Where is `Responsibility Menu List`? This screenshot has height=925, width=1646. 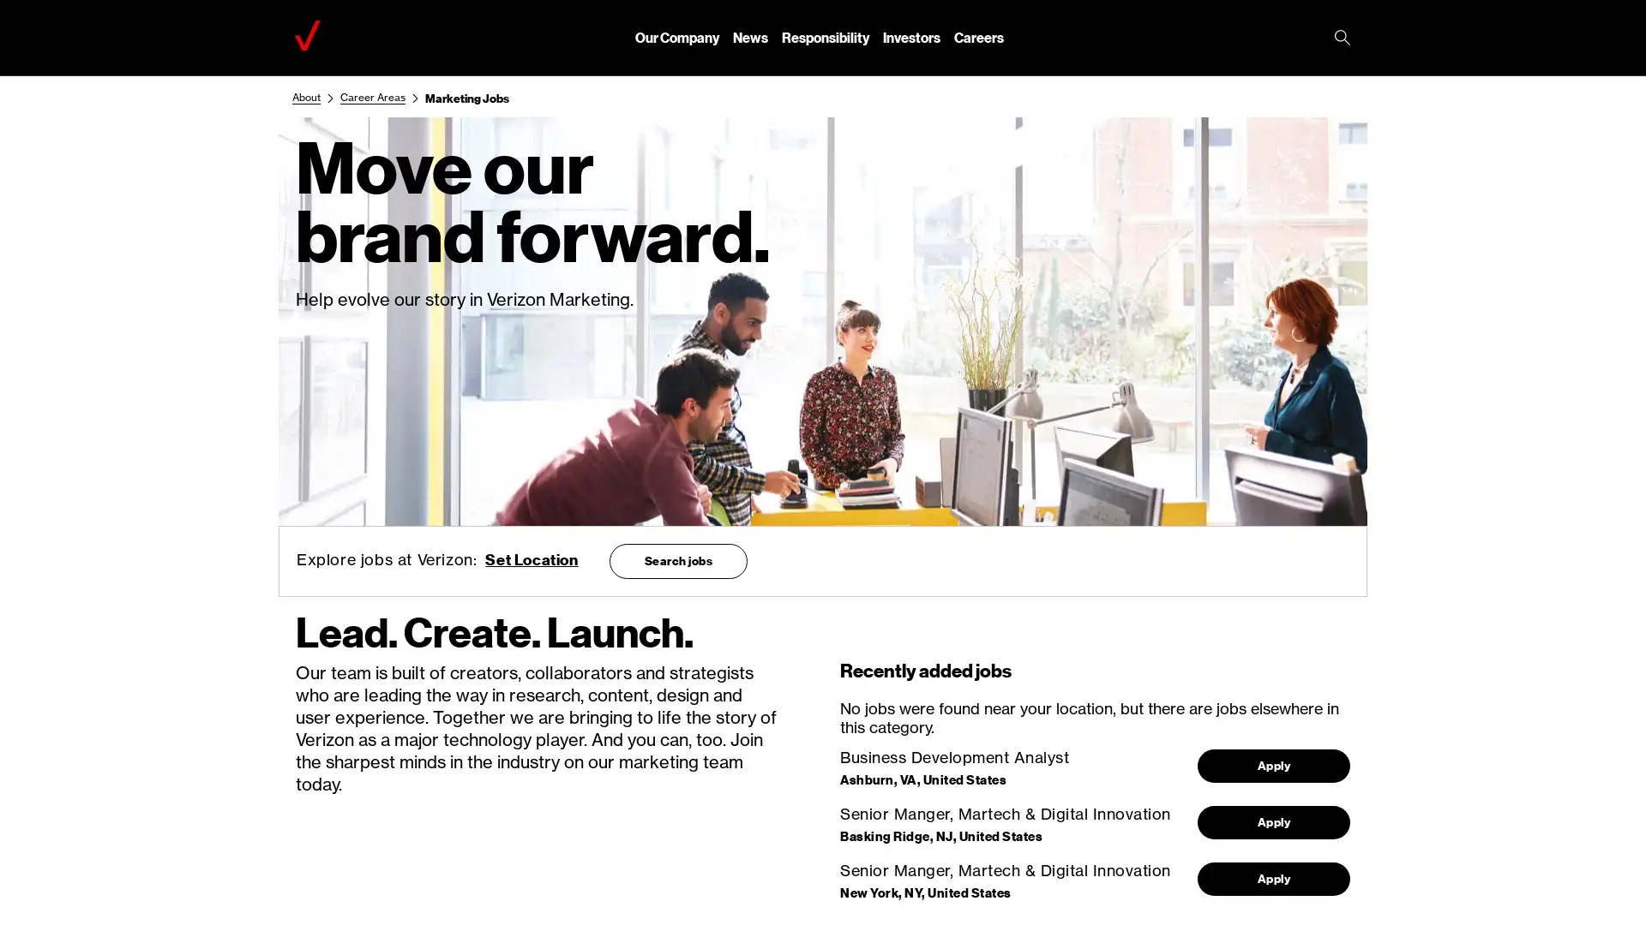
Responsibility Menu List is located at coordinates (826, 37).